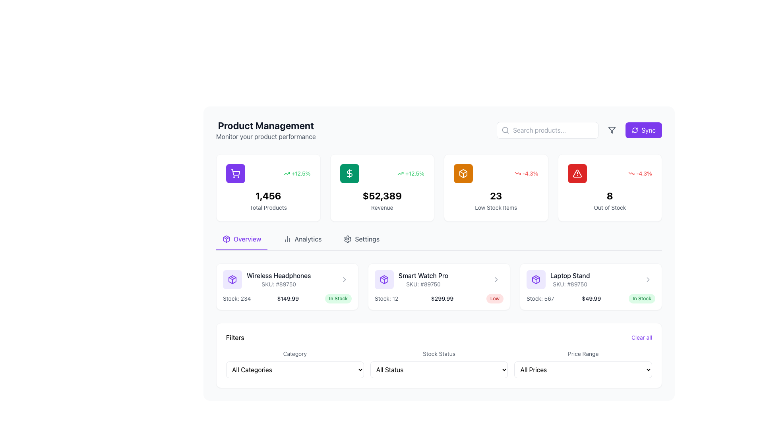 The height and width of the screenshot is (429, 763). Describe the element at coordinates (641, 337) in the screenshot. I see `the 'Clear all' hyperlink-style action button located at the far right of the 'Filters' section to observe the hover effect` at that location.